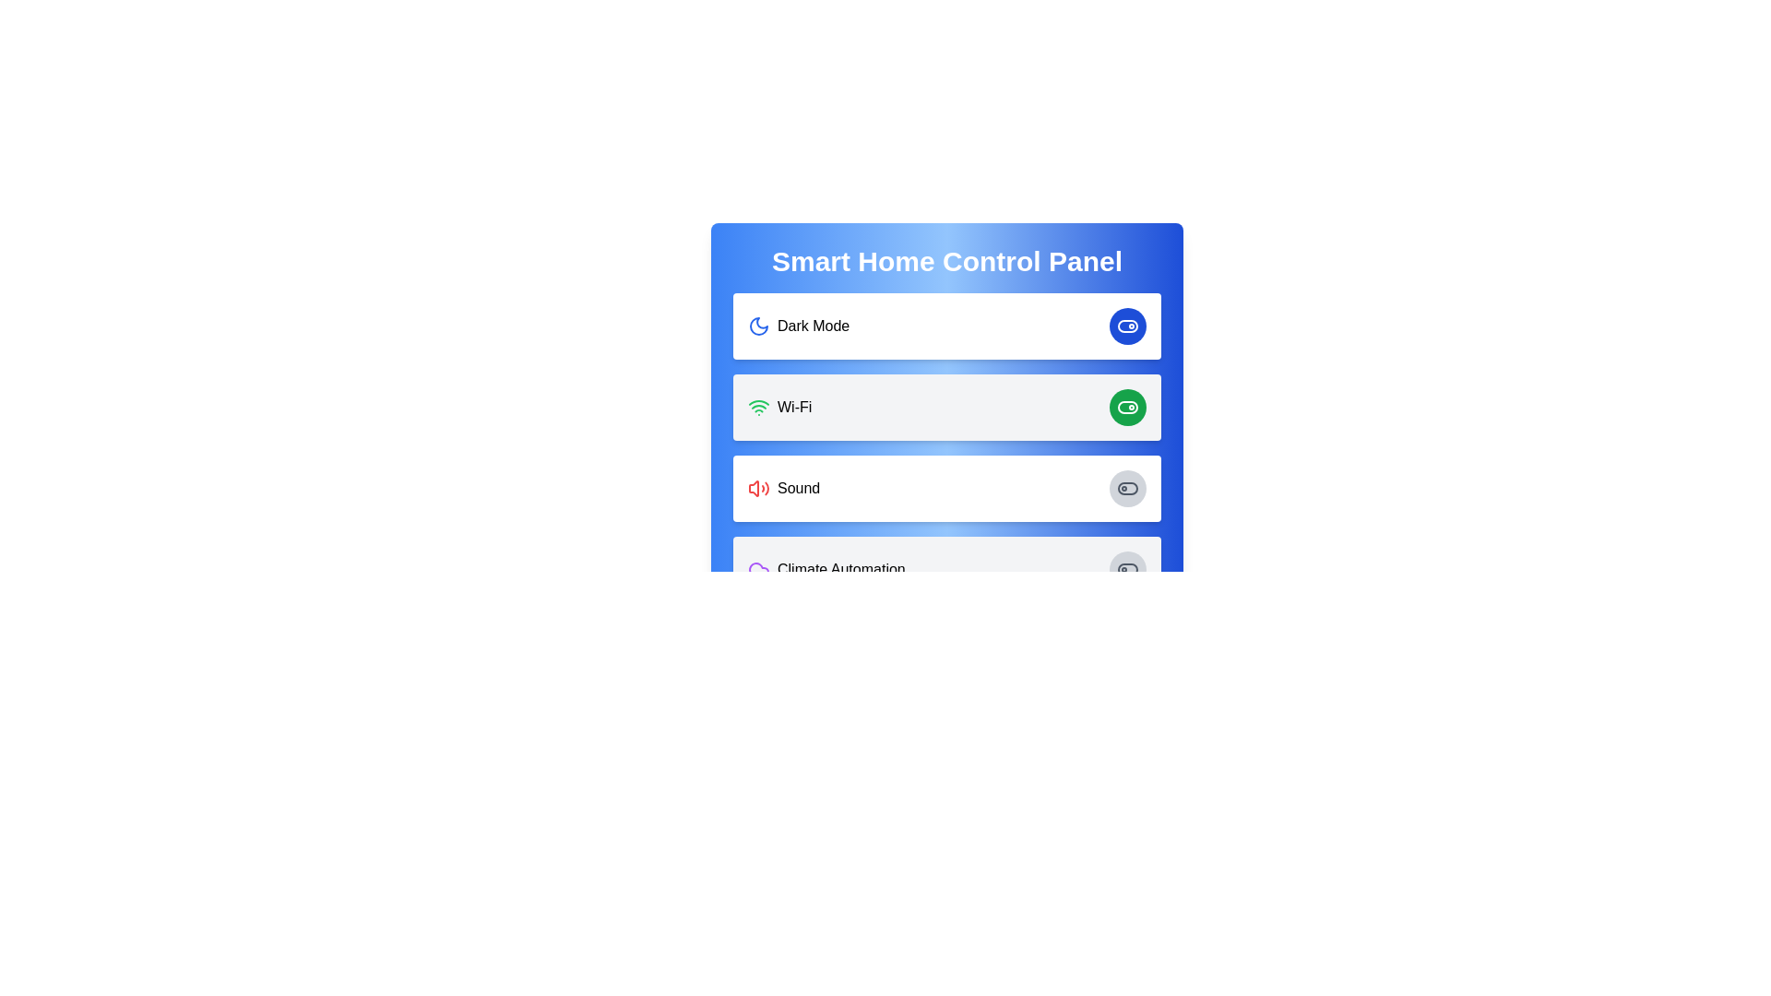 The image size is (1771, 996). I want to click on the toggle button for 'Dark Mode' located on the right side of the 'Dark Mode' section, so click(1127, 326).